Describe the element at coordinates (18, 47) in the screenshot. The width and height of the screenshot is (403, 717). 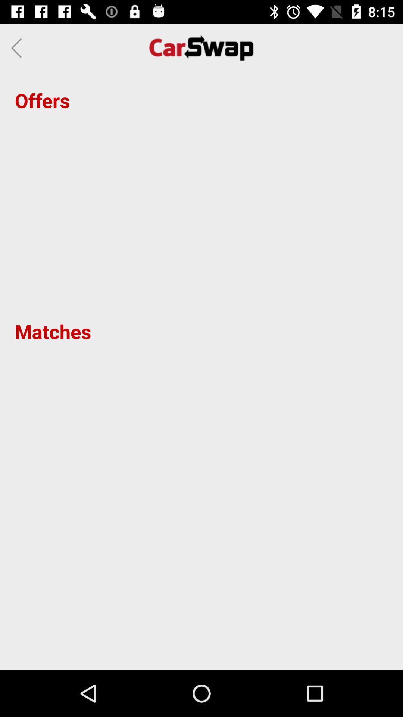
I see `the arrow_backward icon` at that location.